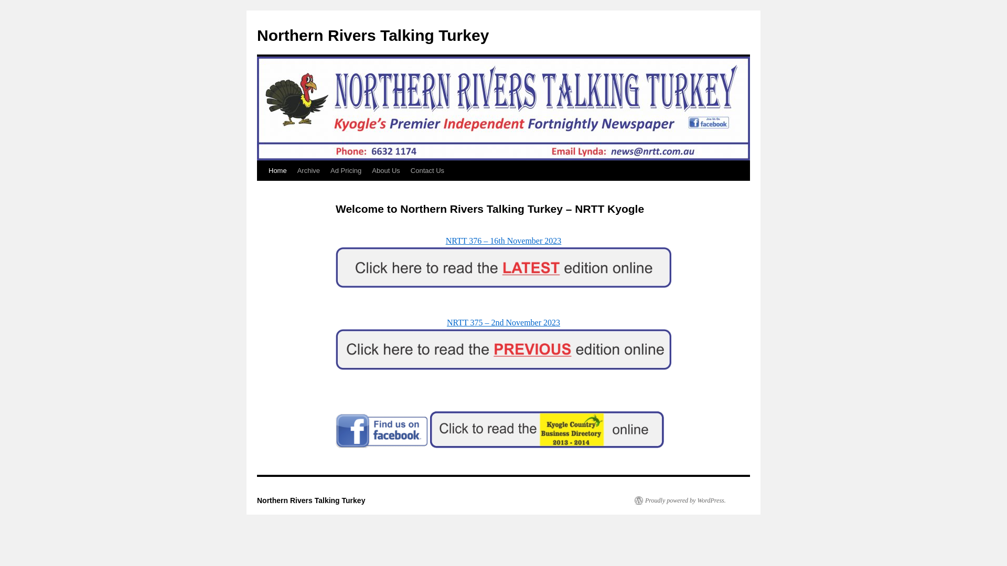 Image resolution: width=1007 pixels, height=566 pixels. I want to click on 'Kyogle Business Directory', so click(546, 430).